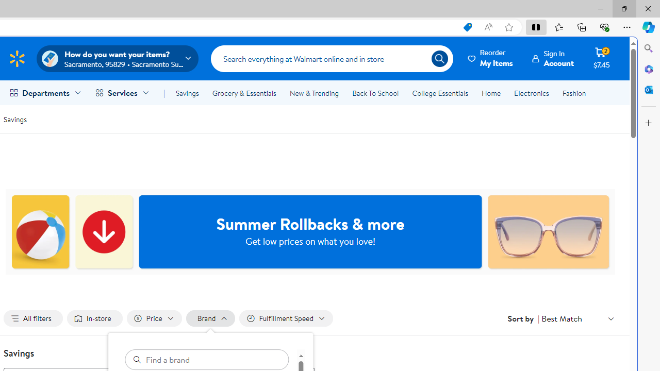  What do you see at coordinates (33, 318) in the screenshot?
I see `'All filters none applied, activate to change'` at bounding box center [33, 318].